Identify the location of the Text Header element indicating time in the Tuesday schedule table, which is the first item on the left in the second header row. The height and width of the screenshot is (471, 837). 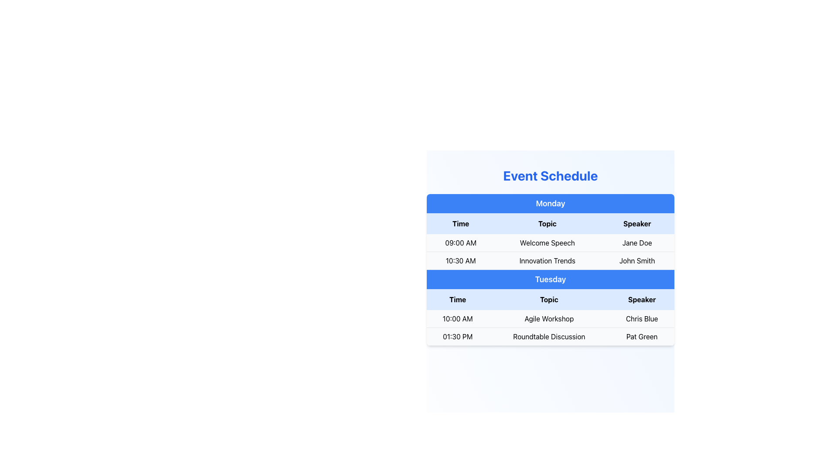
(457, 299).